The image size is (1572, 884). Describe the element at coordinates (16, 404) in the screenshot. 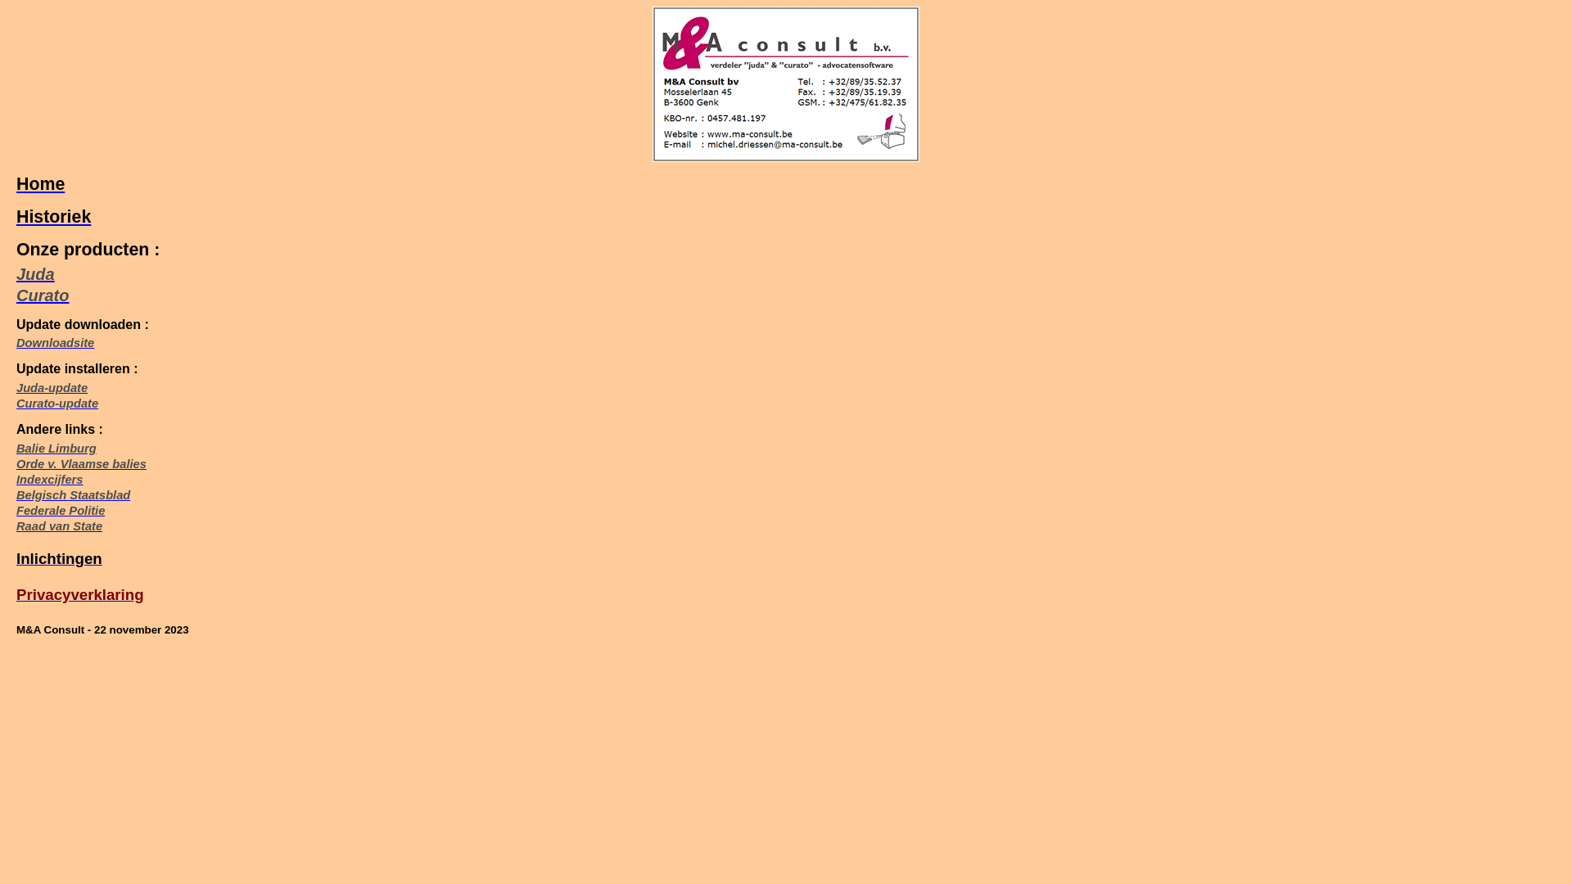

I see `'Curato-update'` at that location.